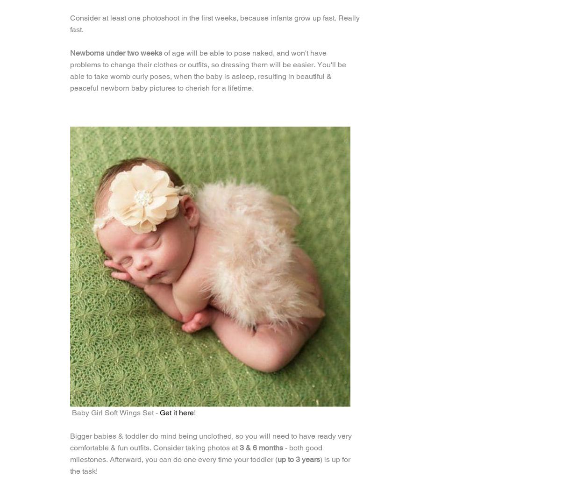 This screenshot has width=584, height=498. I want to click on '3 & 6 months', so click(261, 448).